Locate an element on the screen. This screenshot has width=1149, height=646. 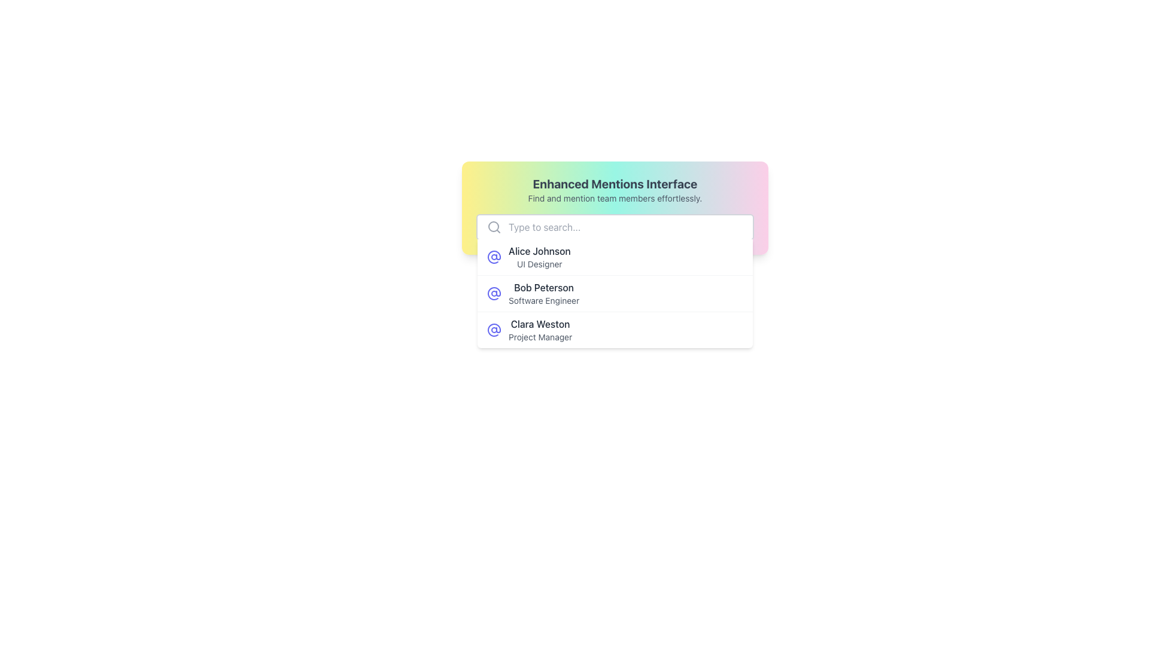
the Informational Component (Header with Description) that serves as the title and introductory section for the interface, positioned centrally at the topmost segment of the layout is located at coordinates (615, 207).